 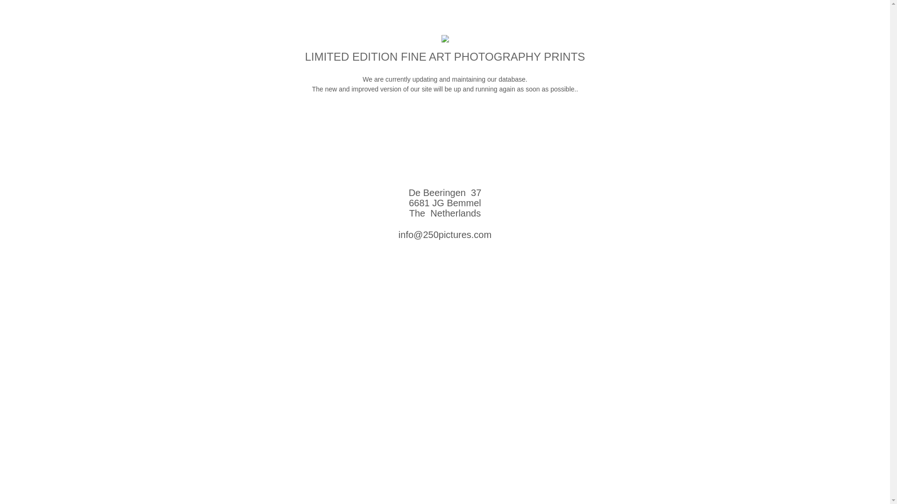 What do you see at coordinates (399, 234) in the screenshot?
I see `'info@250pictures.com'` at bounding box center [399, 234].